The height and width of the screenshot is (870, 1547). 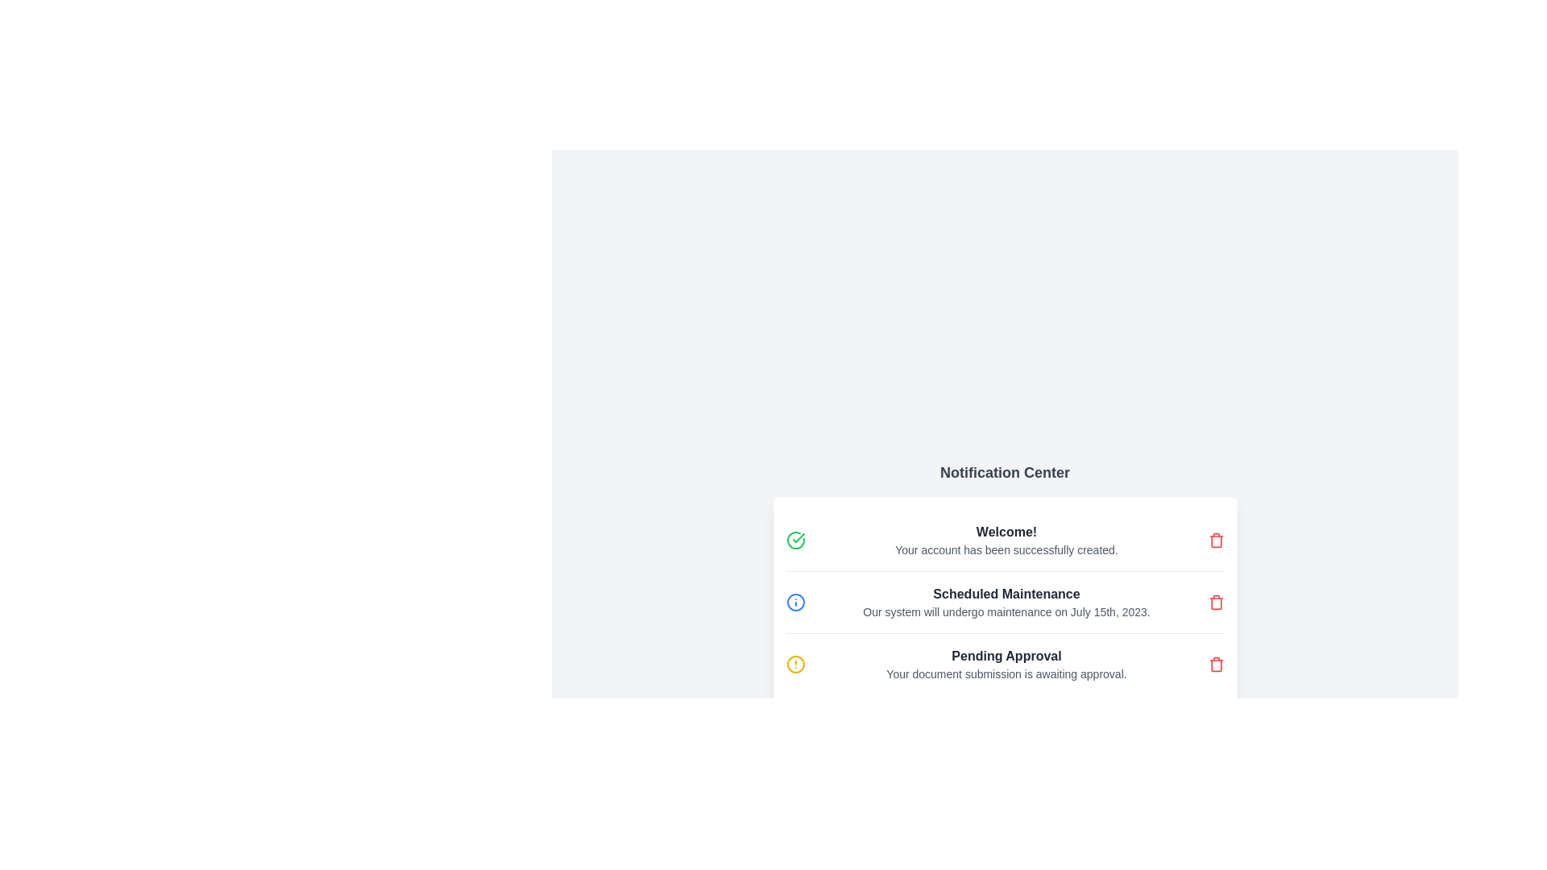 I want to click on the static text displaying 'Our system will undergo maintenance on July 15th, 2023.' located beneath the bold title 'Scheduled Maintenance' in the Notification Center, so click(x=1006, y=611).